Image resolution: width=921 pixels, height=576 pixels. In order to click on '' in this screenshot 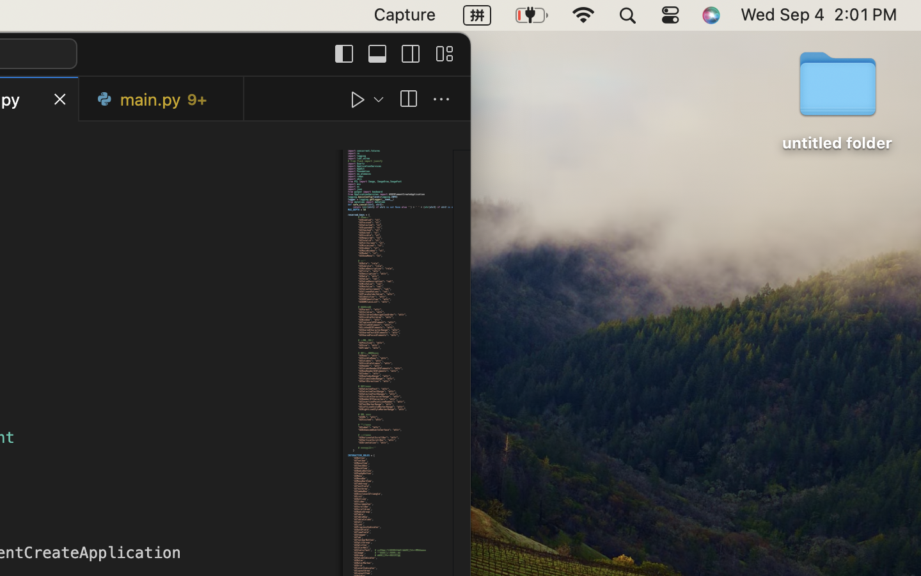, I will do `click(441, 99)`.